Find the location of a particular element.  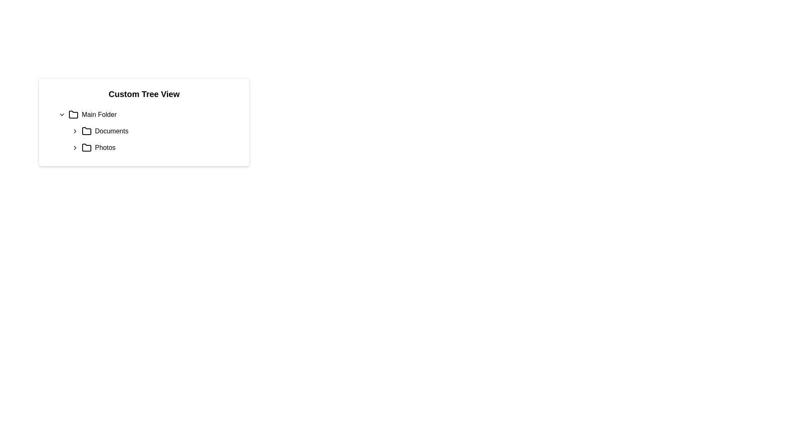

the 'Photos' folder icon, which serves as a visual representation of the folder in the tree view component, located directly to the left of the 'Photos' label under the 'Main Folder' section is located at coordinates (87, 147).